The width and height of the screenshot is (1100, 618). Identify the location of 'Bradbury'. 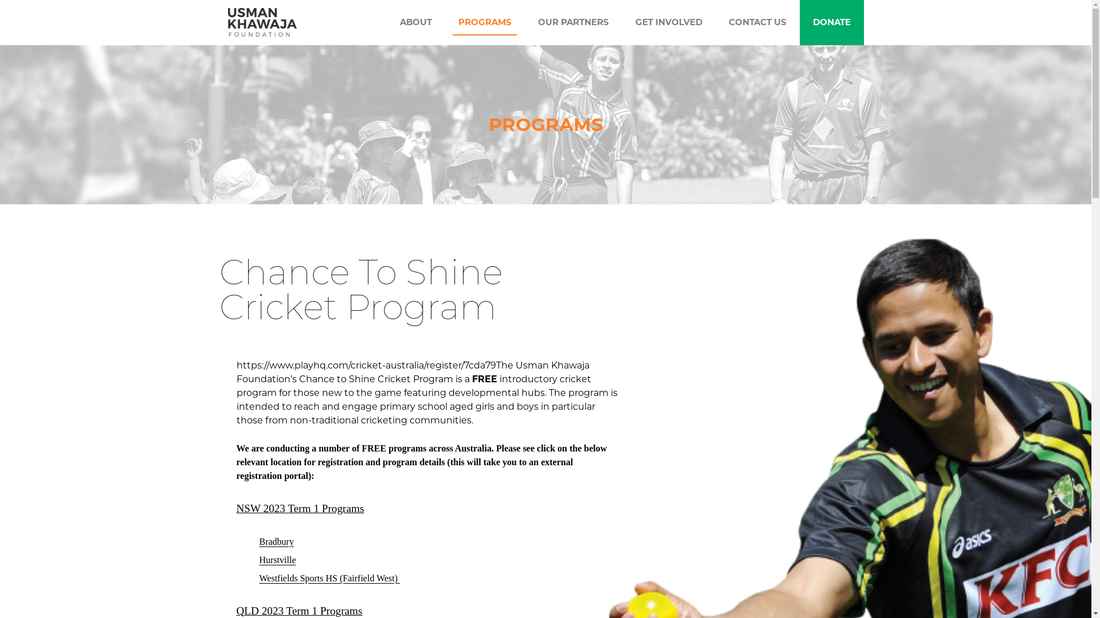
(276, 541).